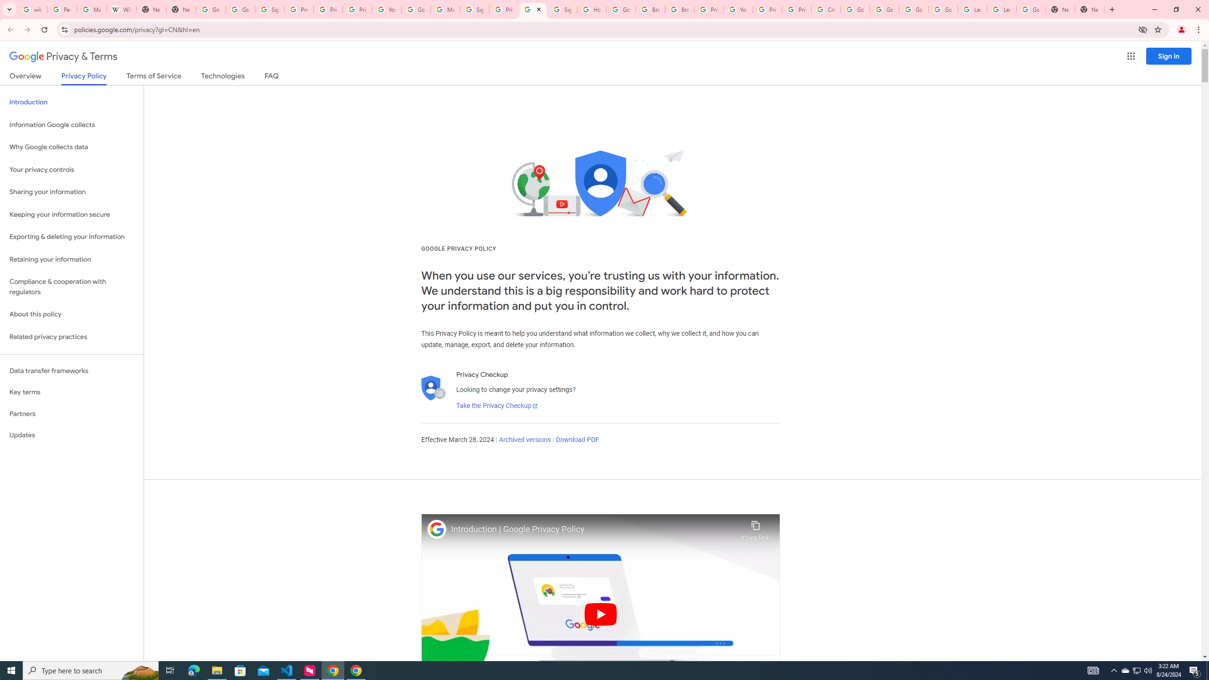 The image size is (1209, 680). I want to click on 'Sign in - Google Accounts', so click(474, 9).